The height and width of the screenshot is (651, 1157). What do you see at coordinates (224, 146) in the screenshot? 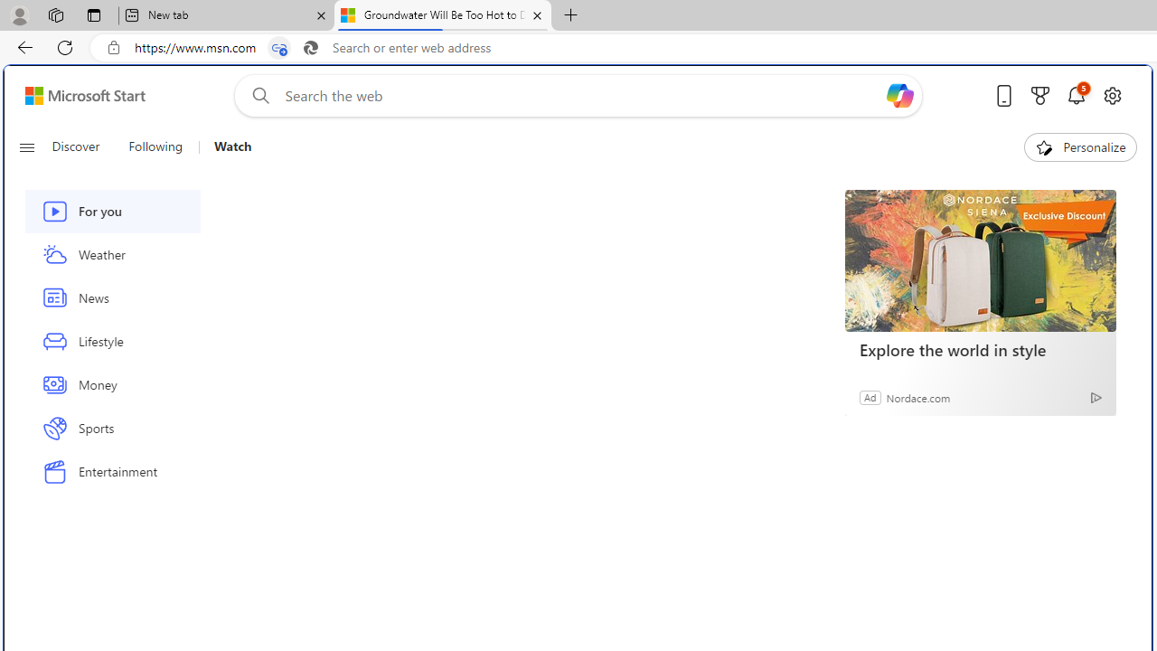
I see `'Watch'` at bounding box center [224, 146].